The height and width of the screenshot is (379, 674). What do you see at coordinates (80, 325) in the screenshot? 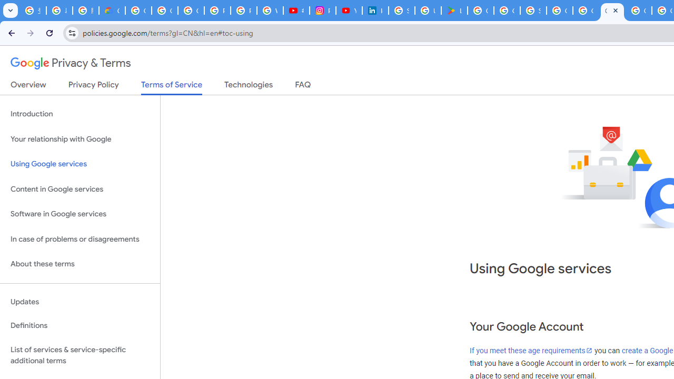
I see `'Definitions'` at bounding box center [80, 325].